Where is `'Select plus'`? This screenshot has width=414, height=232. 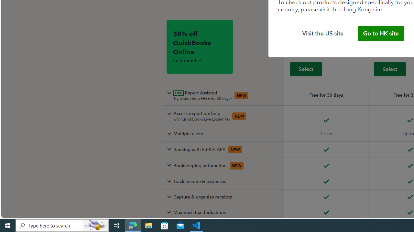 'Select plus' is located at coordinates (389, 69).